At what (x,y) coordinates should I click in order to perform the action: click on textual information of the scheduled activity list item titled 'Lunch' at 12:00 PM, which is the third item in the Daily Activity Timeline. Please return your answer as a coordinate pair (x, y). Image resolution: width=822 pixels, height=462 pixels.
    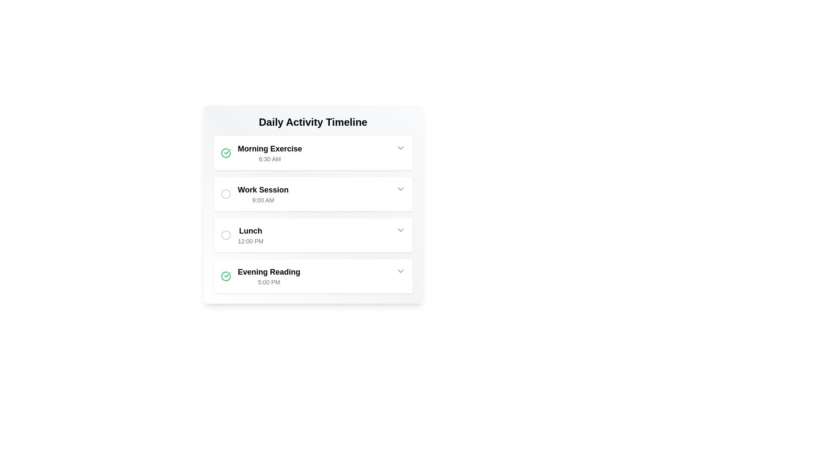
    Looking at the image, I should click on (250, 235).